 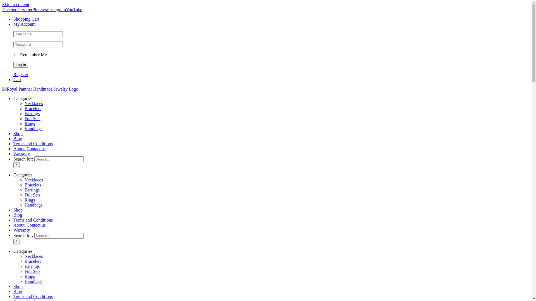 I want to click on 'YouTube', so click(x=73, y=9).